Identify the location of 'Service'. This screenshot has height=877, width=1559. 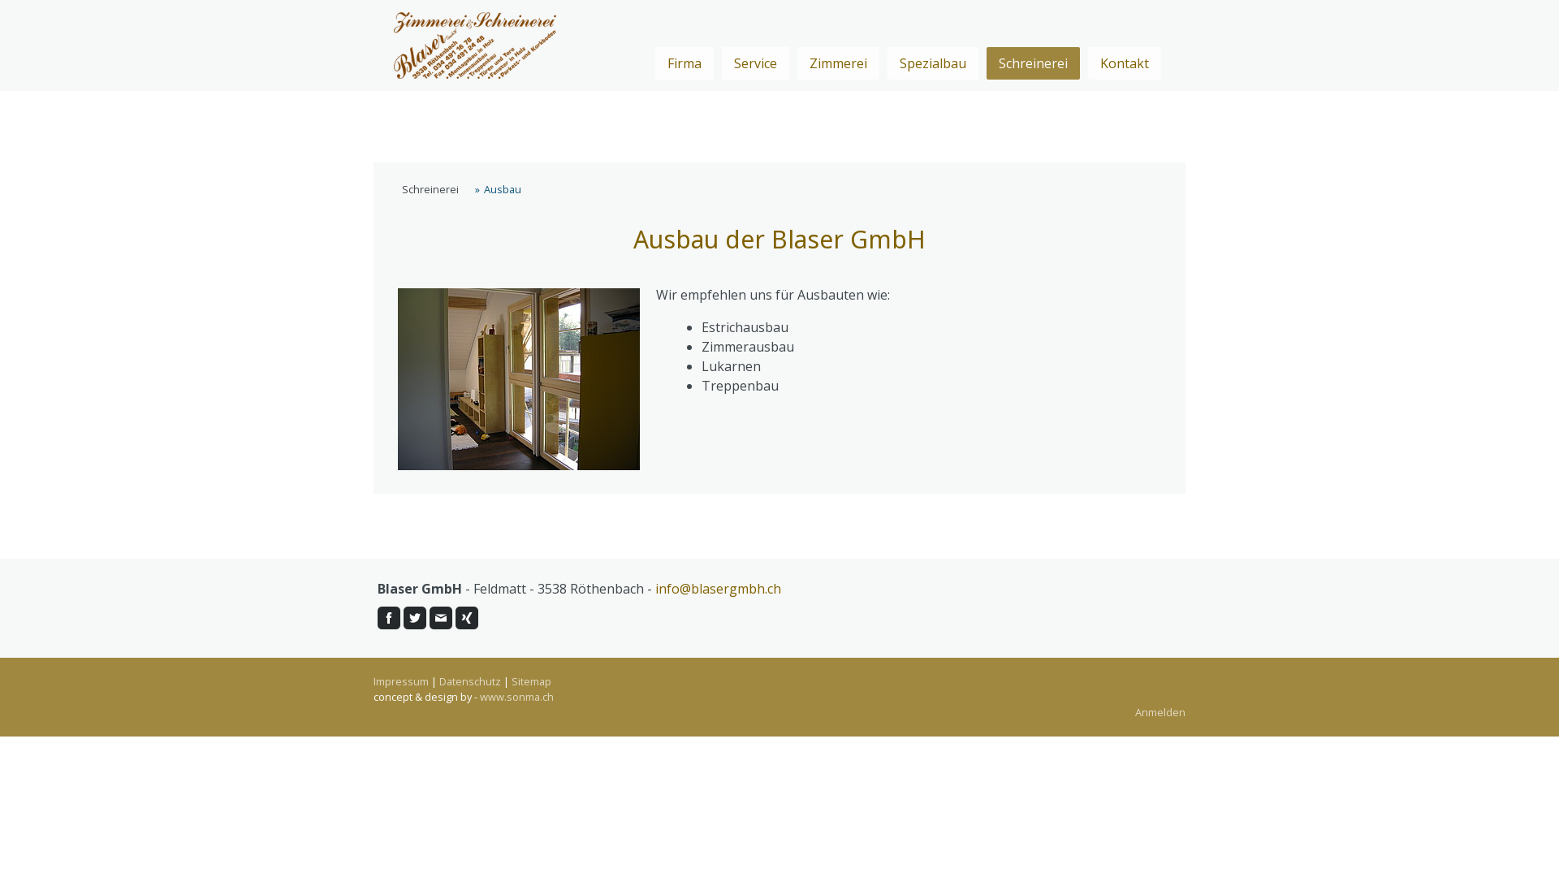
(754, 62).